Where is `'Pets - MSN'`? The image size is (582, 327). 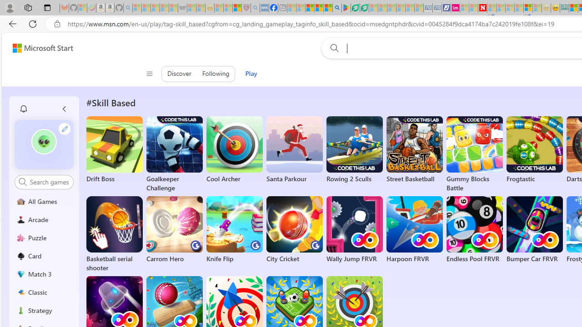 'Pets - MSN' is located at coordinates (319, 8).